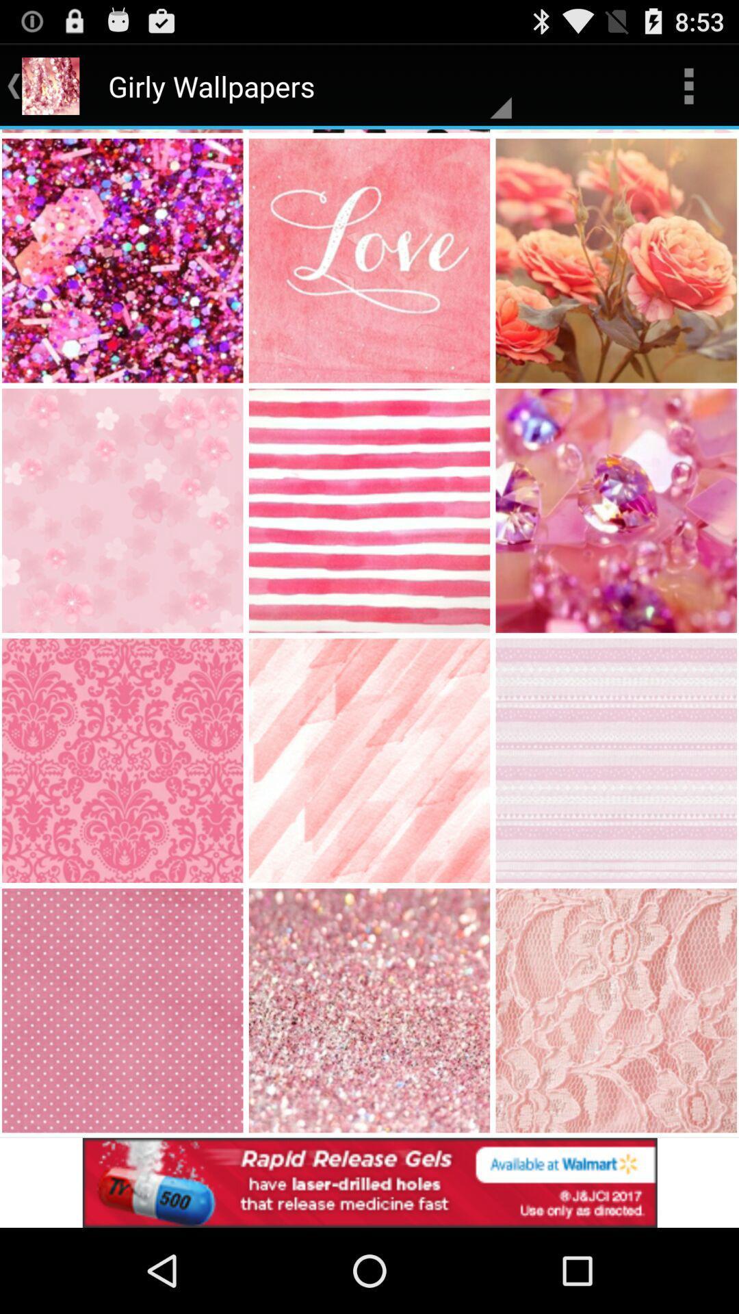  I want to click on advertisement, so click(369, 1182).